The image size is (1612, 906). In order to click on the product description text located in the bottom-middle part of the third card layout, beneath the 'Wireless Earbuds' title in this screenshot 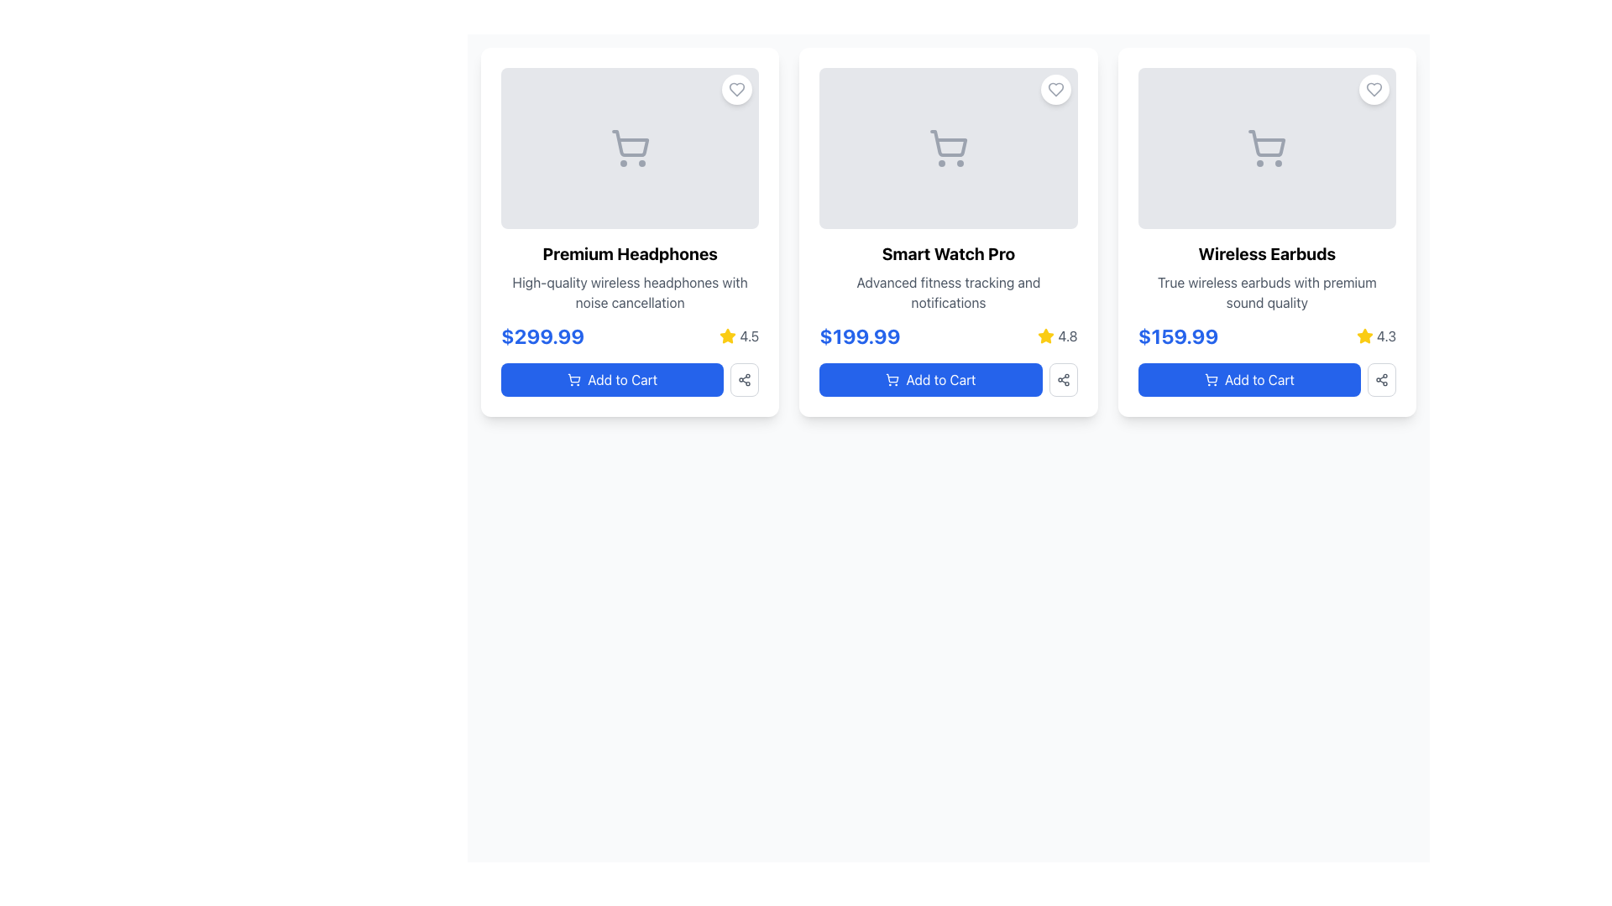, I will do `click(1267, 291)`.